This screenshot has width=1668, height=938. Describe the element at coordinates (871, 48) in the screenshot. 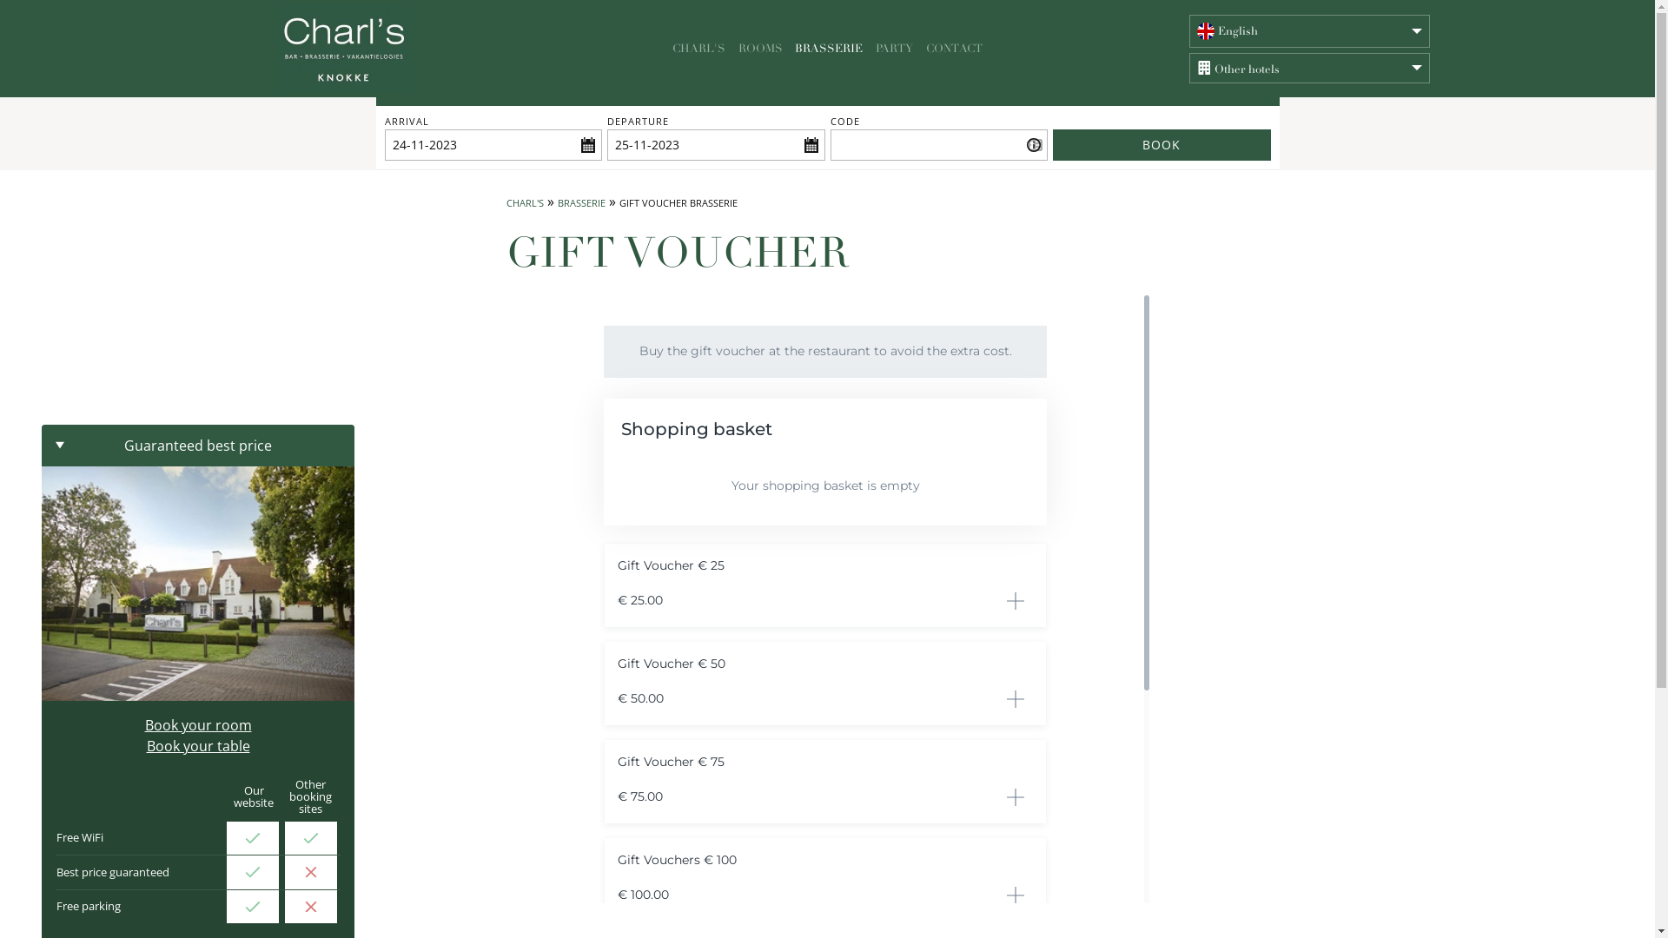

I see `'PARTY'` at that location.